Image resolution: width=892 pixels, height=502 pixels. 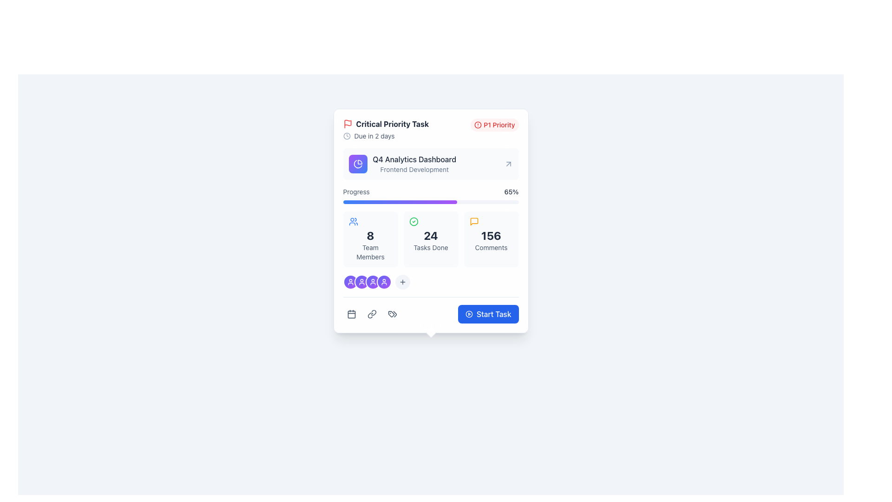 I want to click on text label 'Critical Priority Task' which is styled with a bold font and is located at the top-left corner of a card layout, accompanied by a red flag icon, so click(x=386, y=123).